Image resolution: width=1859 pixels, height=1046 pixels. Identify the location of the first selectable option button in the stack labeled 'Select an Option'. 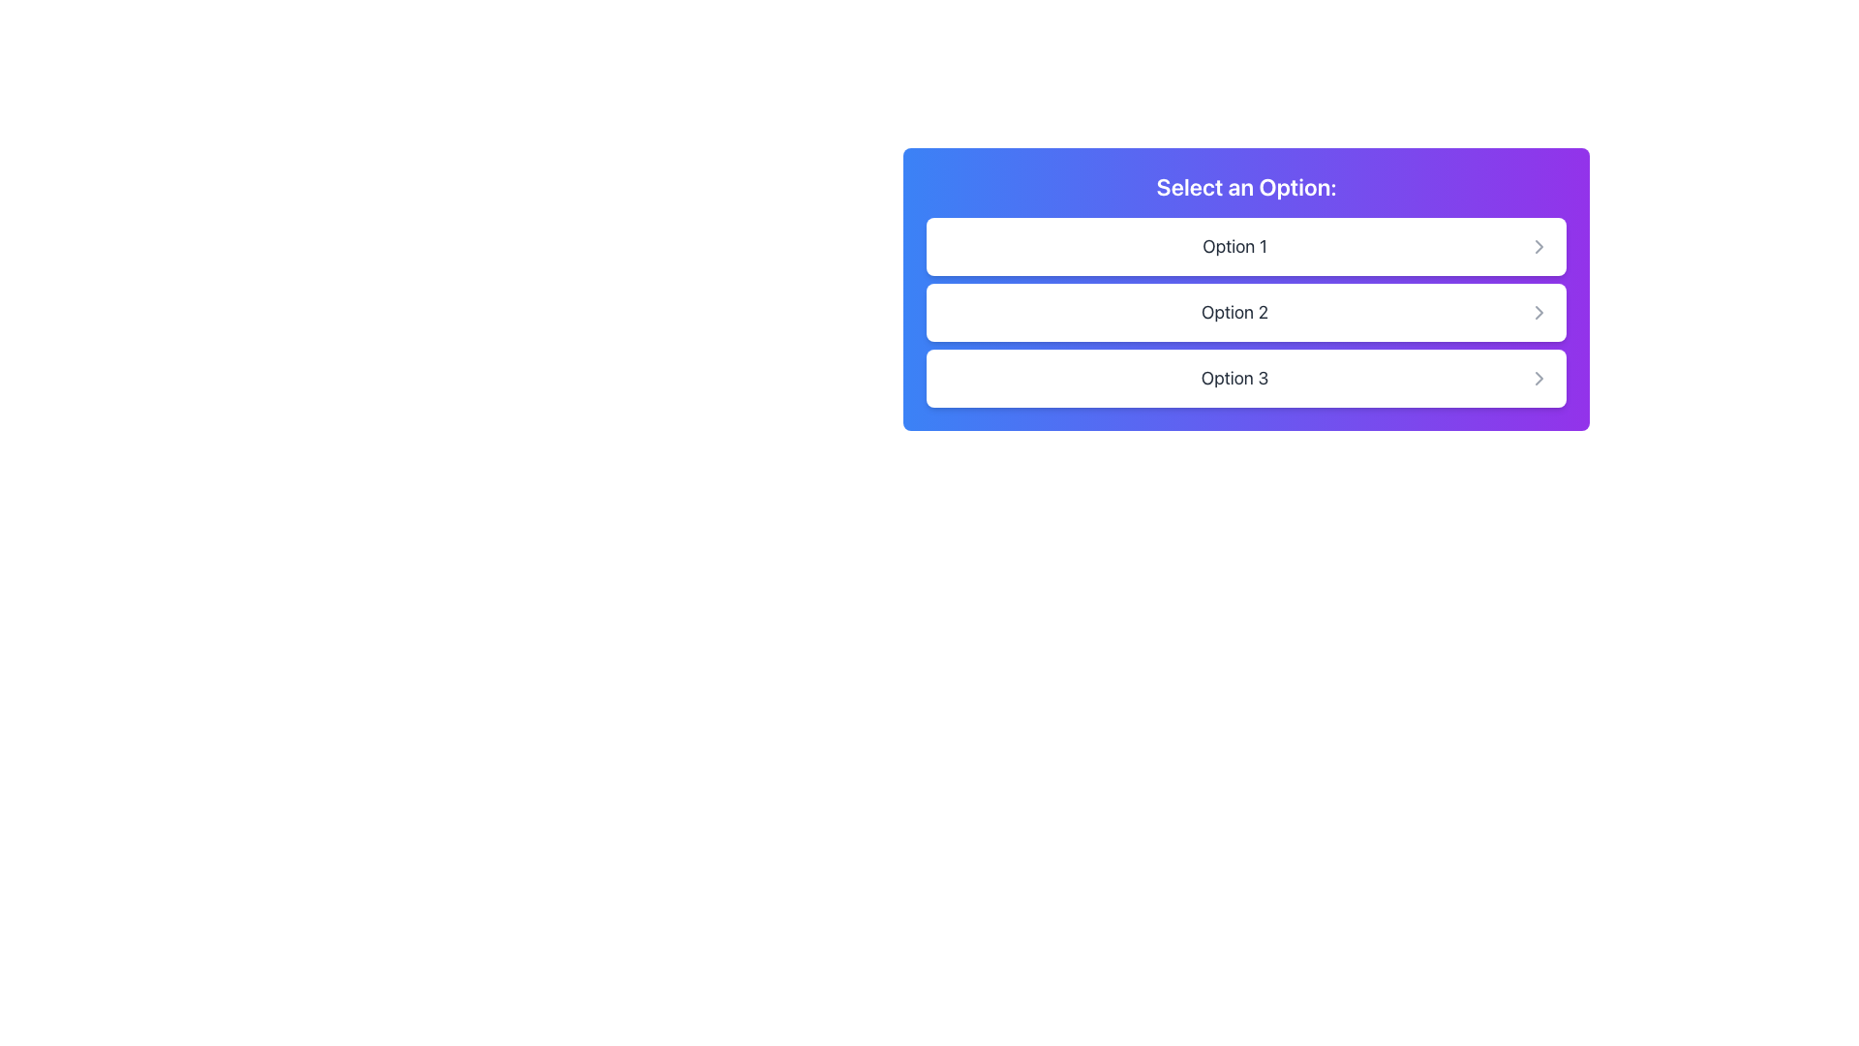
(1246, 245).